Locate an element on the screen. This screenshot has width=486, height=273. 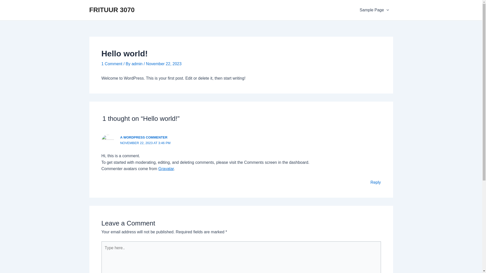
'FRITUUR 3070' is located at coordinates (111, 10).